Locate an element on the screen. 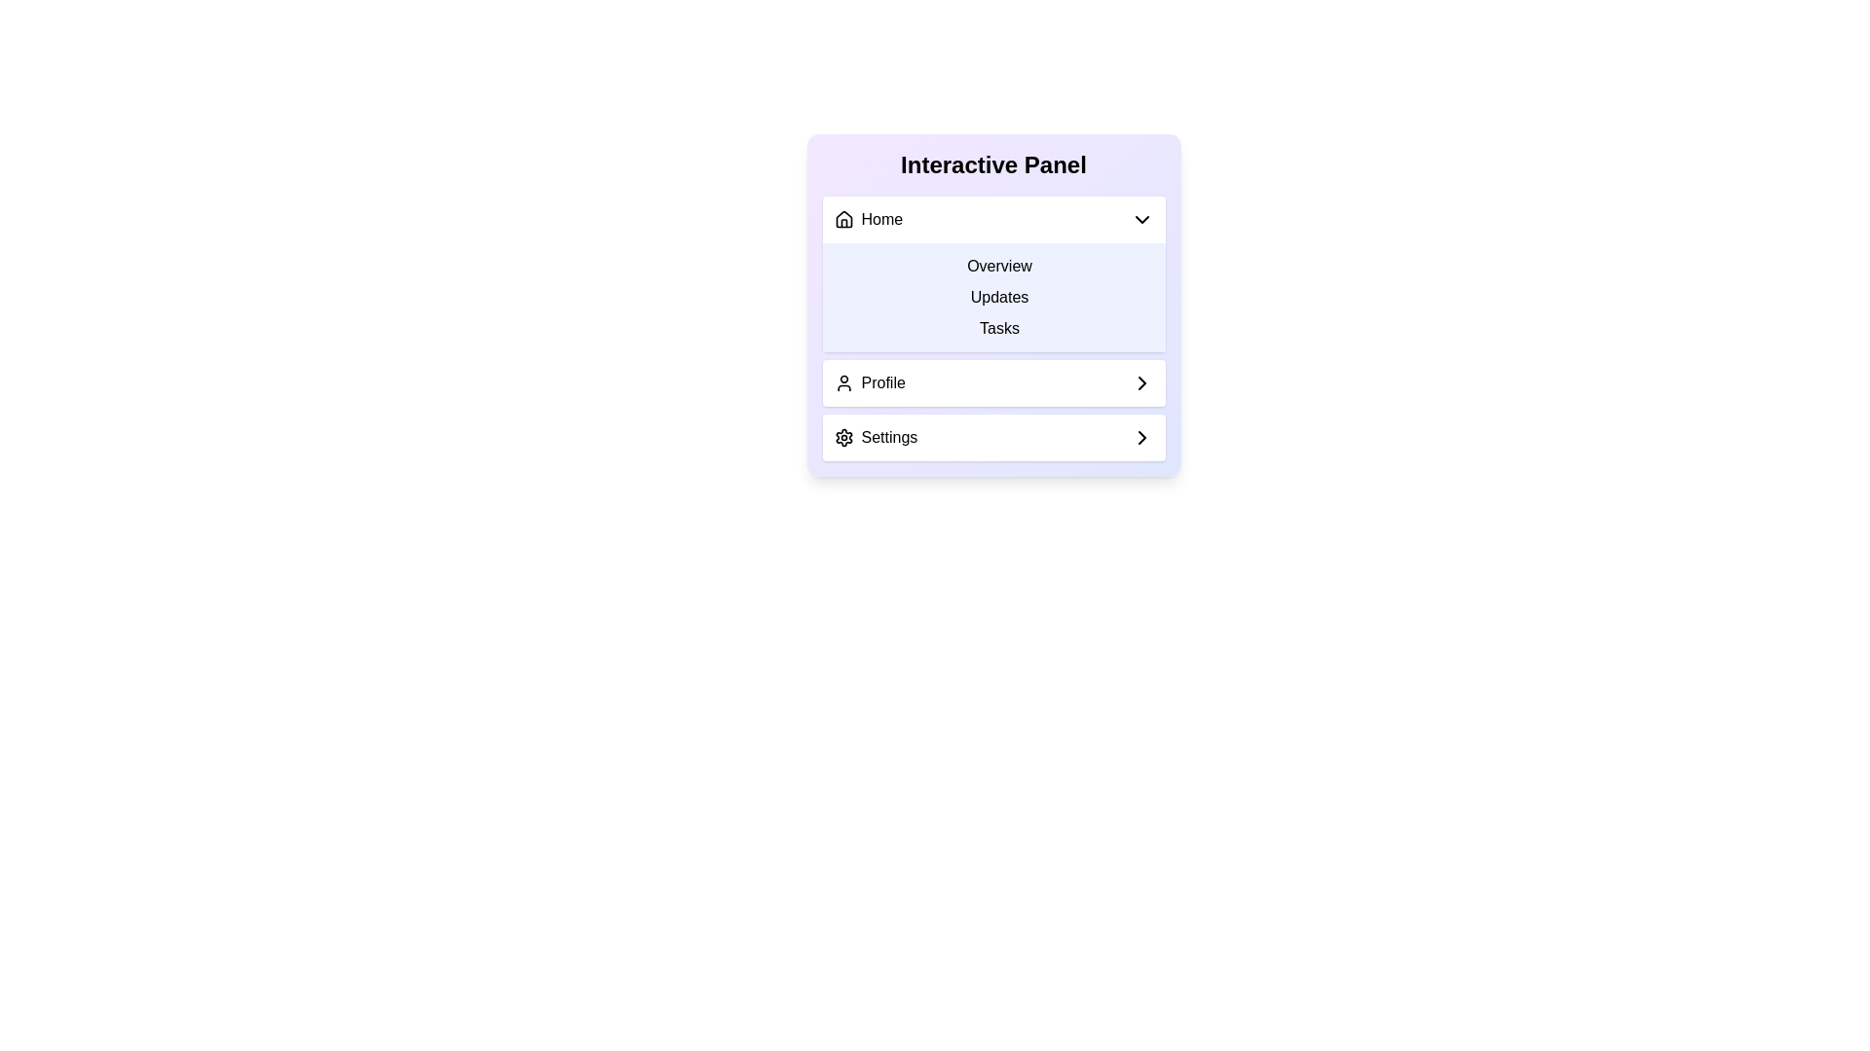 The height and width of the screenshot is (1051, 1870). the 'Overview' option in the Dropdown panel located beneath the 'Home' section of the Interactive Panel UI is located at coordinates (993, 273).